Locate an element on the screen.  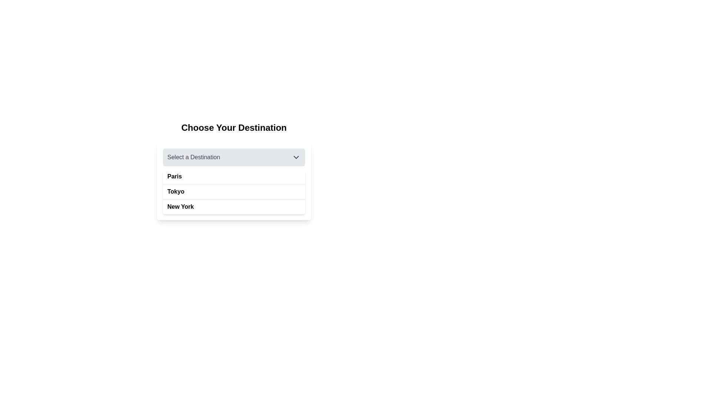
the second item in the dropdown list, which is the selectable option between 'Paris' and 'New York' is located at coordinates (176, 191).